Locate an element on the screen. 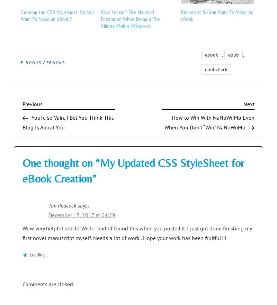  'Tim Peacock' is located at coordinates (62, 205).